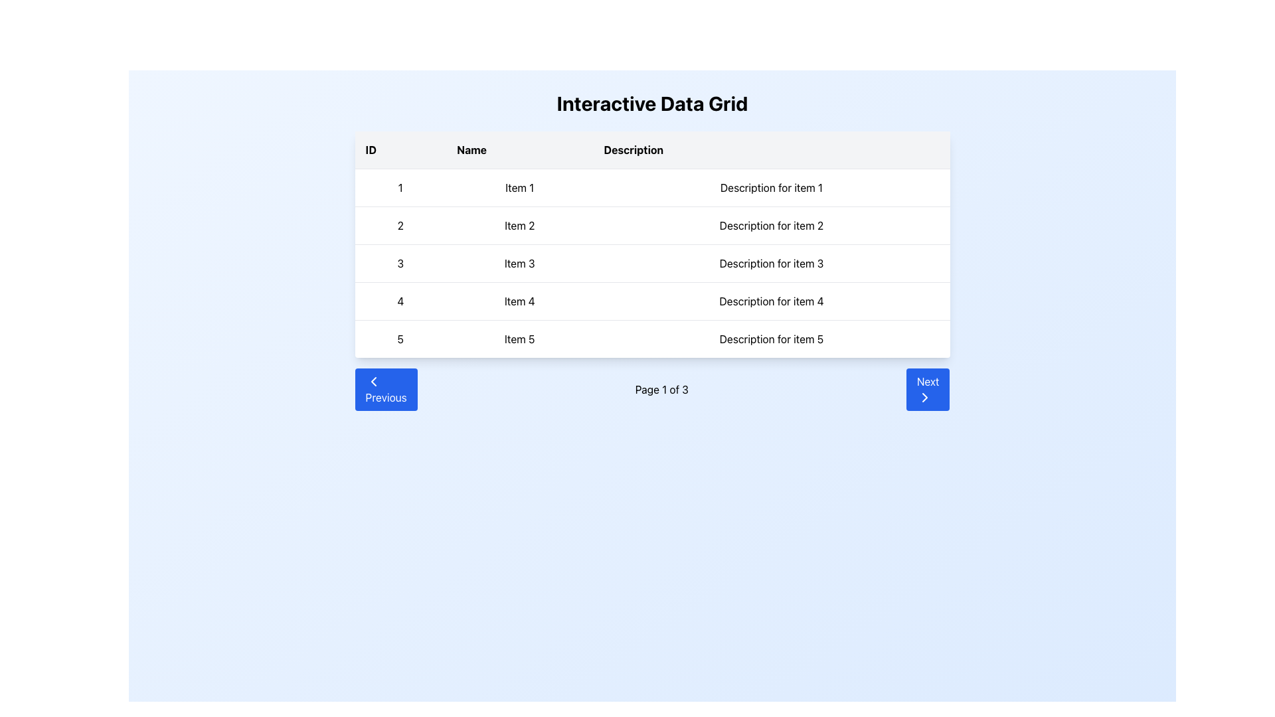  I want to click on keyboard navigation, so click(924, 396).